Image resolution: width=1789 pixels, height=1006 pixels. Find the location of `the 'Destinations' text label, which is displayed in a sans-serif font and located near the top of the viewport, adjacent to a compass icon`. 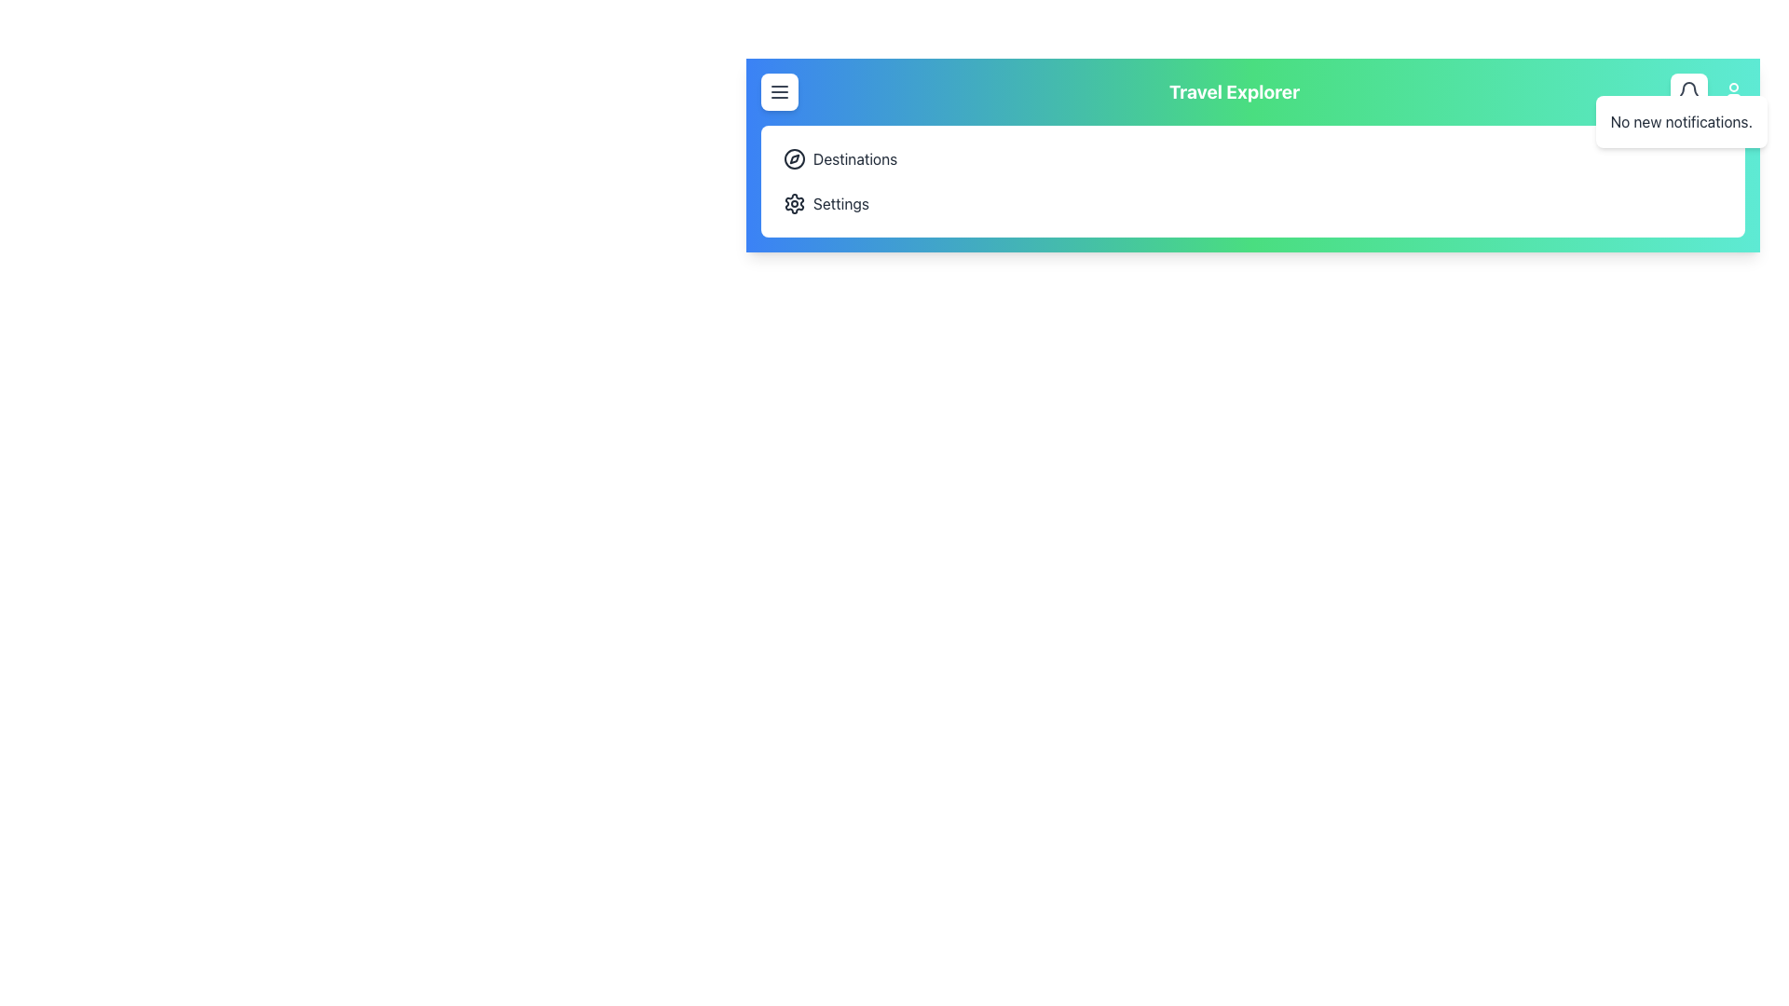

the 'Destinations' text label, which is displayed in a sans-serif font and located near the top of the viewport, adjacent to a compass icon is located at coordinates (854, 157).